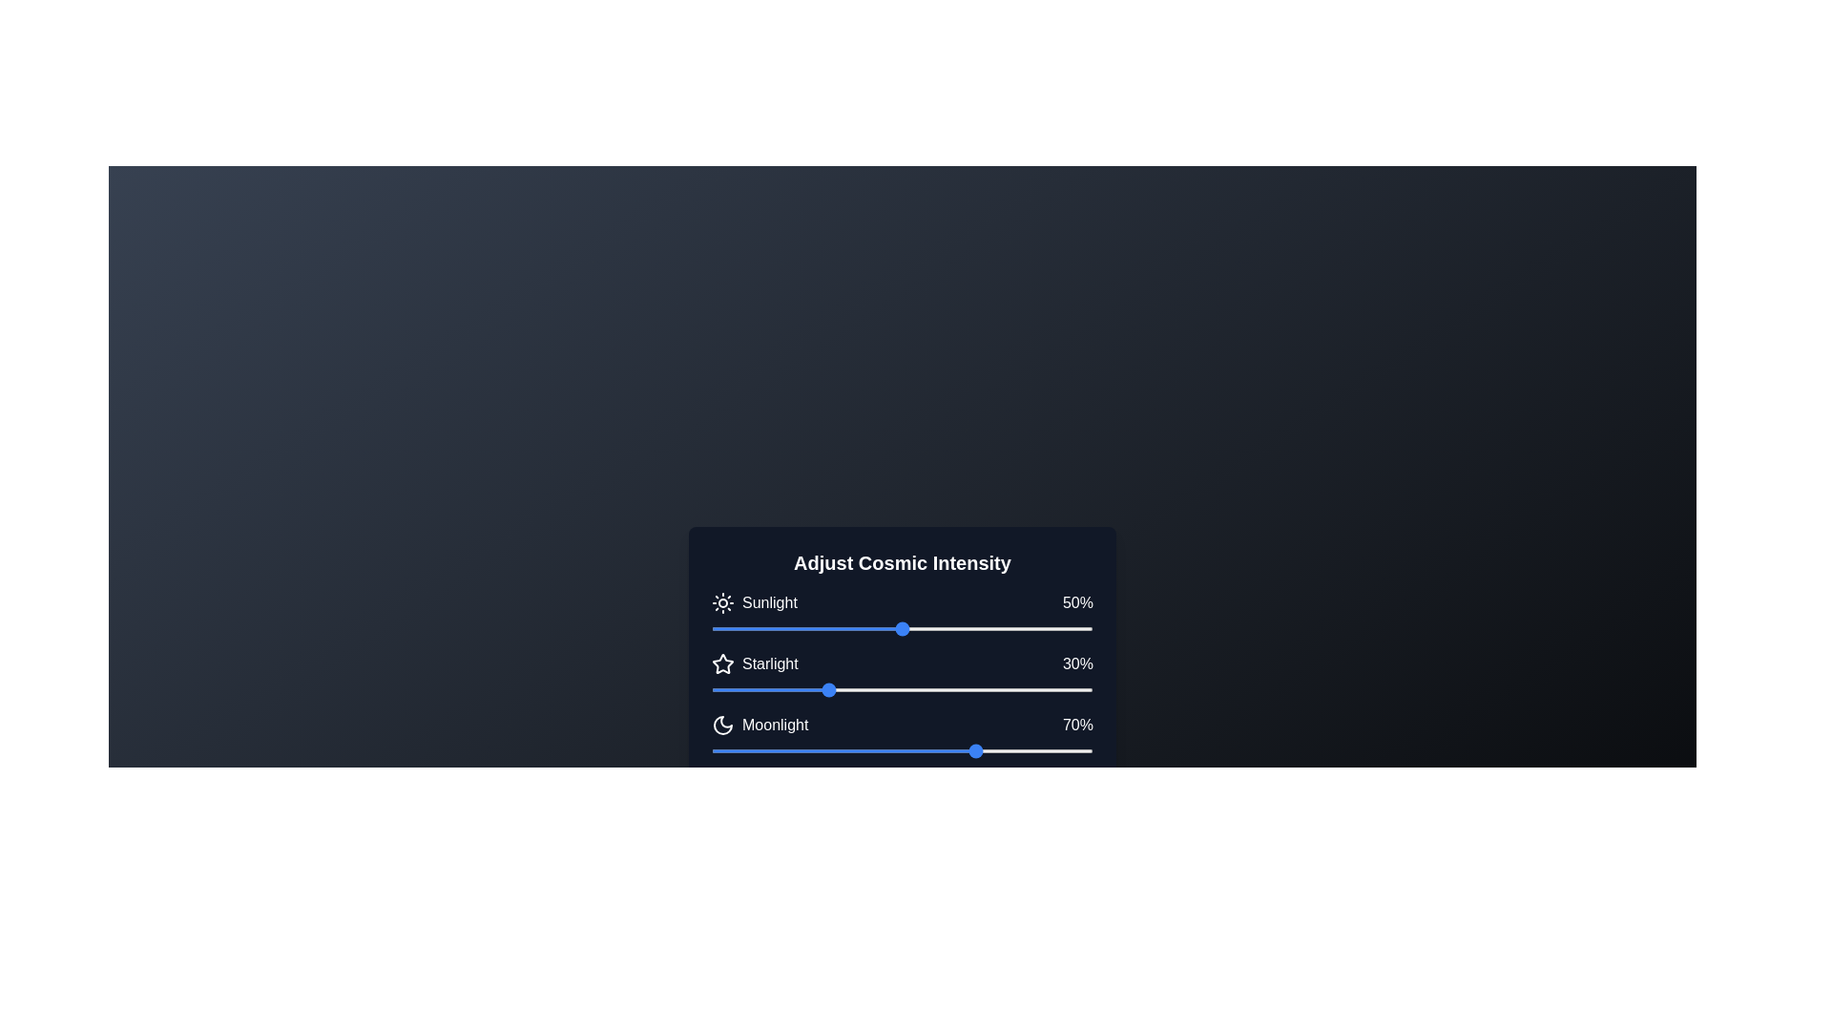 The width and height of the screenshot is (1832, 1031). Describe the element at coordinates (714, 629) in the screenshot. I see `the 'Sunlight' slider to 1% intensity` at that location.